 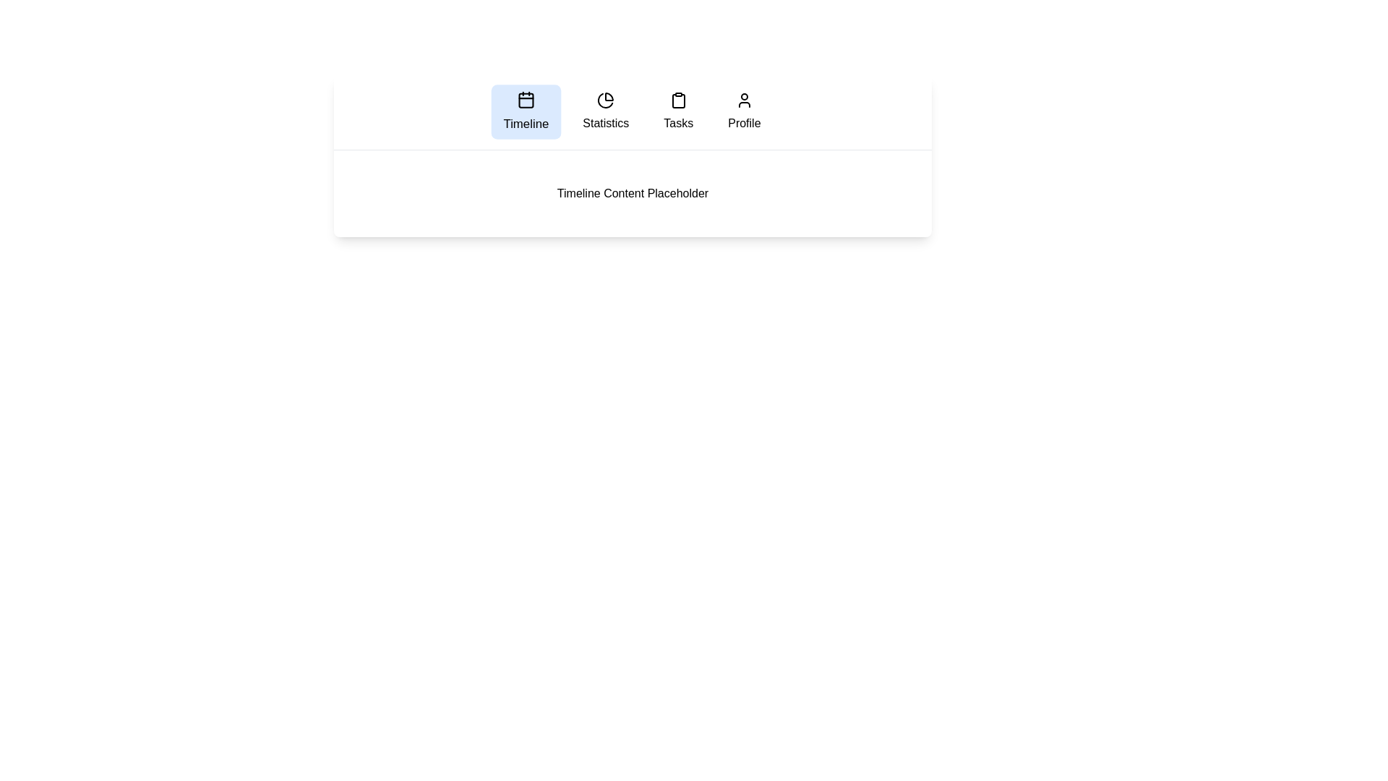 I want to click on the tab labeled Statistics to navigate to it, so click(x=606, y=111).